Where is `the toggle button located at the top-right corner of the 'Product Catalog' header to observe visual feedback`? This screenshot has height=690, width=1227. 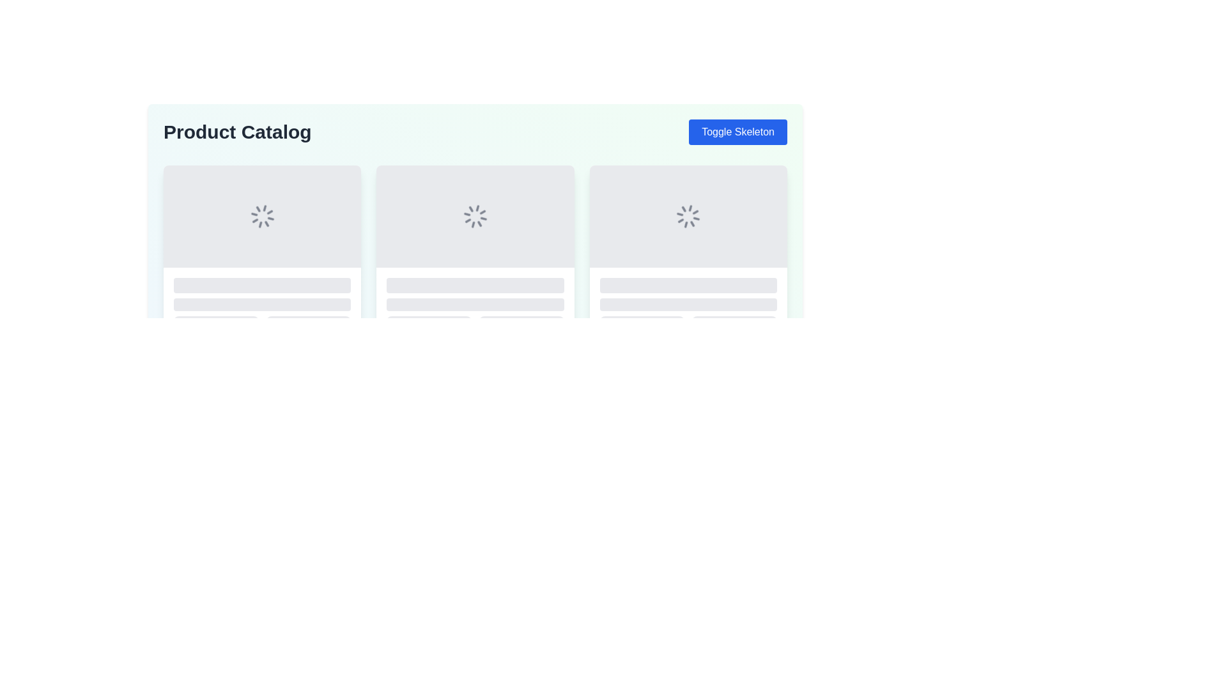
the toggle button located at the top-right corner of the 'Product Catalog' header to observe visual feedback is located at coordinates (738, 132).